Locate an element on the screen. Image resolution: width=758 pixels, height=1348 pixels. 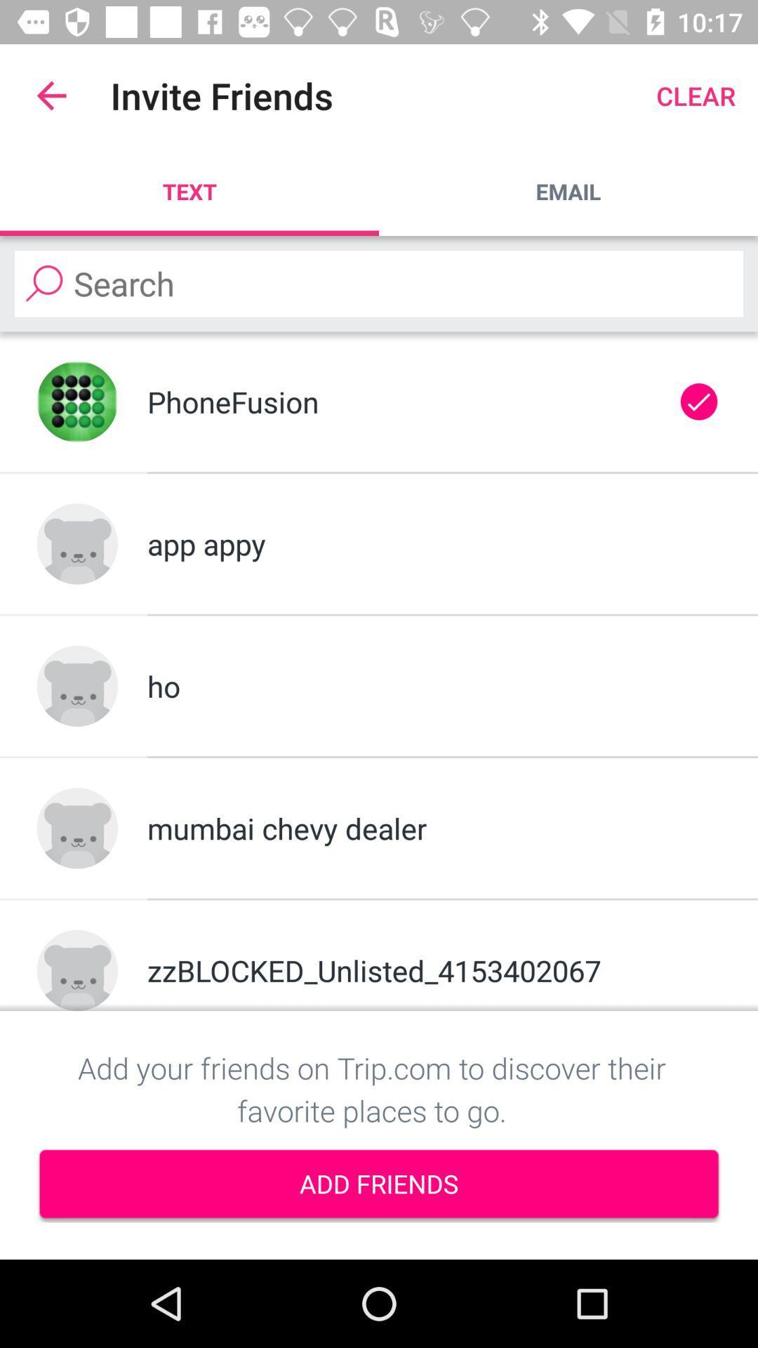
icon next to text icon is located at coordinates (568, 191).